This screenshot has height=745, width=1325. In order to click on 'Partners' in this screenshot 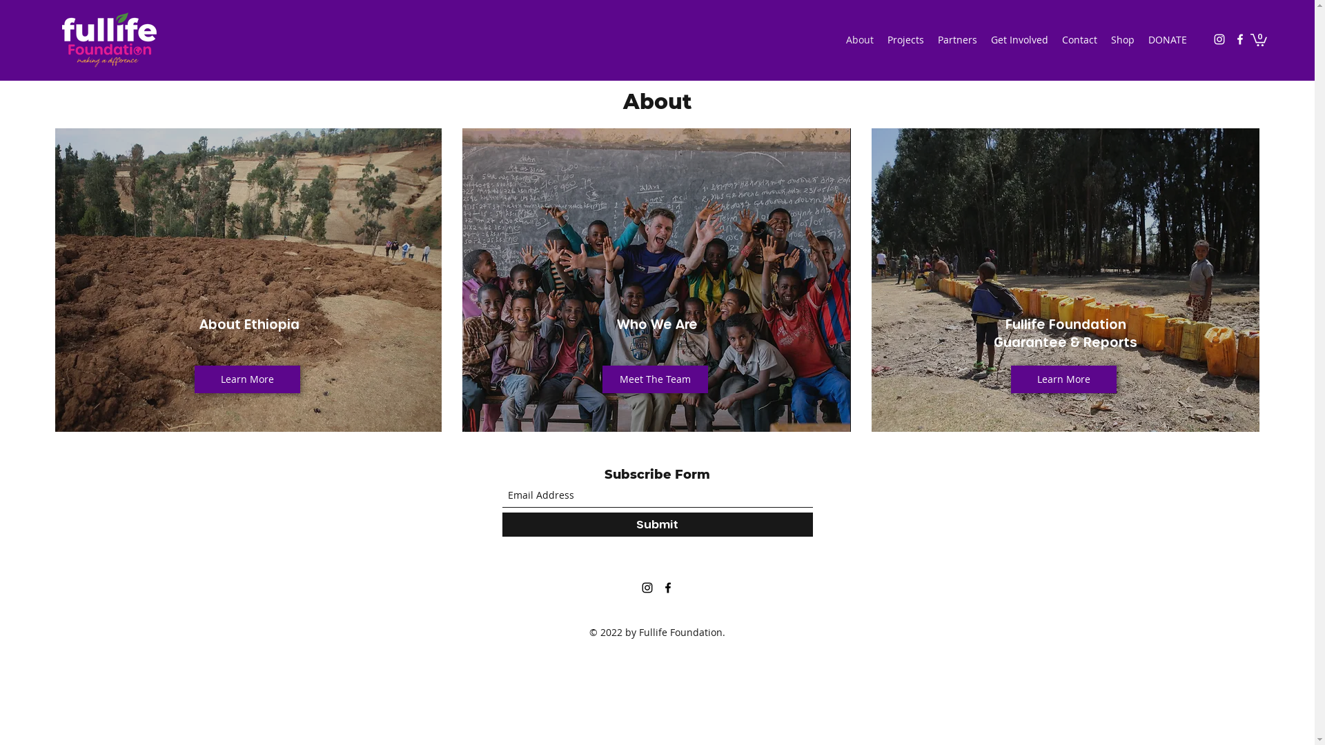, I will do `click(956, 39)`.